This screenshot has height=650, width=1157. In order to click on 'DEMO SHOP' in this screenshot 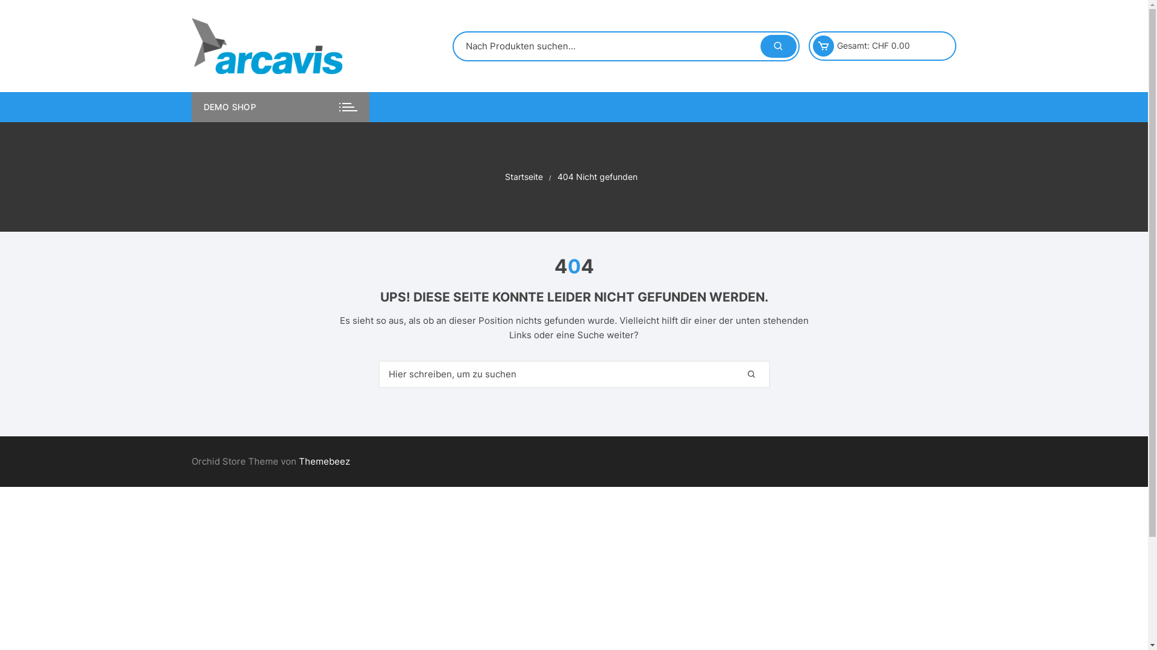, I will do `click(280, 106)`.